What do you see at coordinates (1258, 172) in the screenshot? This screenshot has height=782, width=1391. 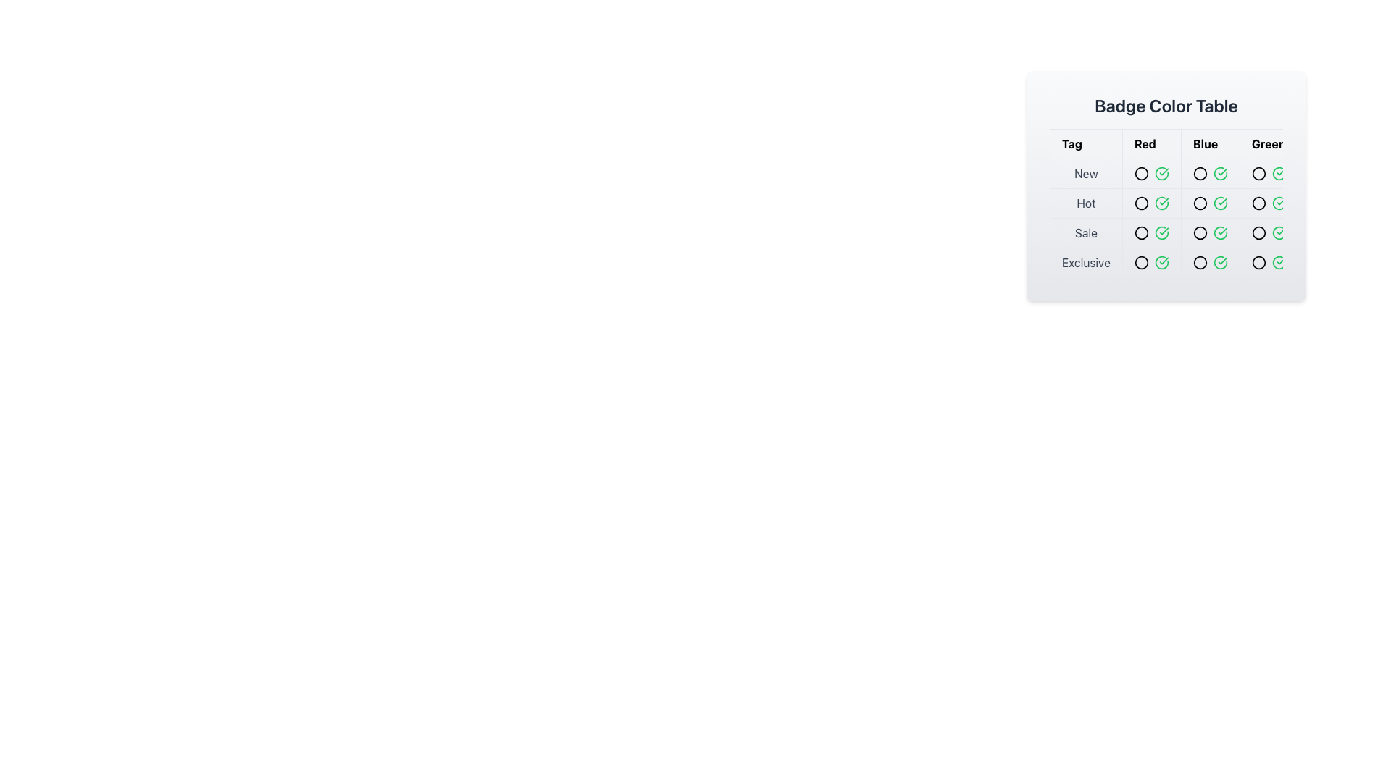 I see `the Circle Icon with a green stroke in the 'New' row of the 'Badge Color Table' under the 'Green' column` at bounding box center [1258, 172].